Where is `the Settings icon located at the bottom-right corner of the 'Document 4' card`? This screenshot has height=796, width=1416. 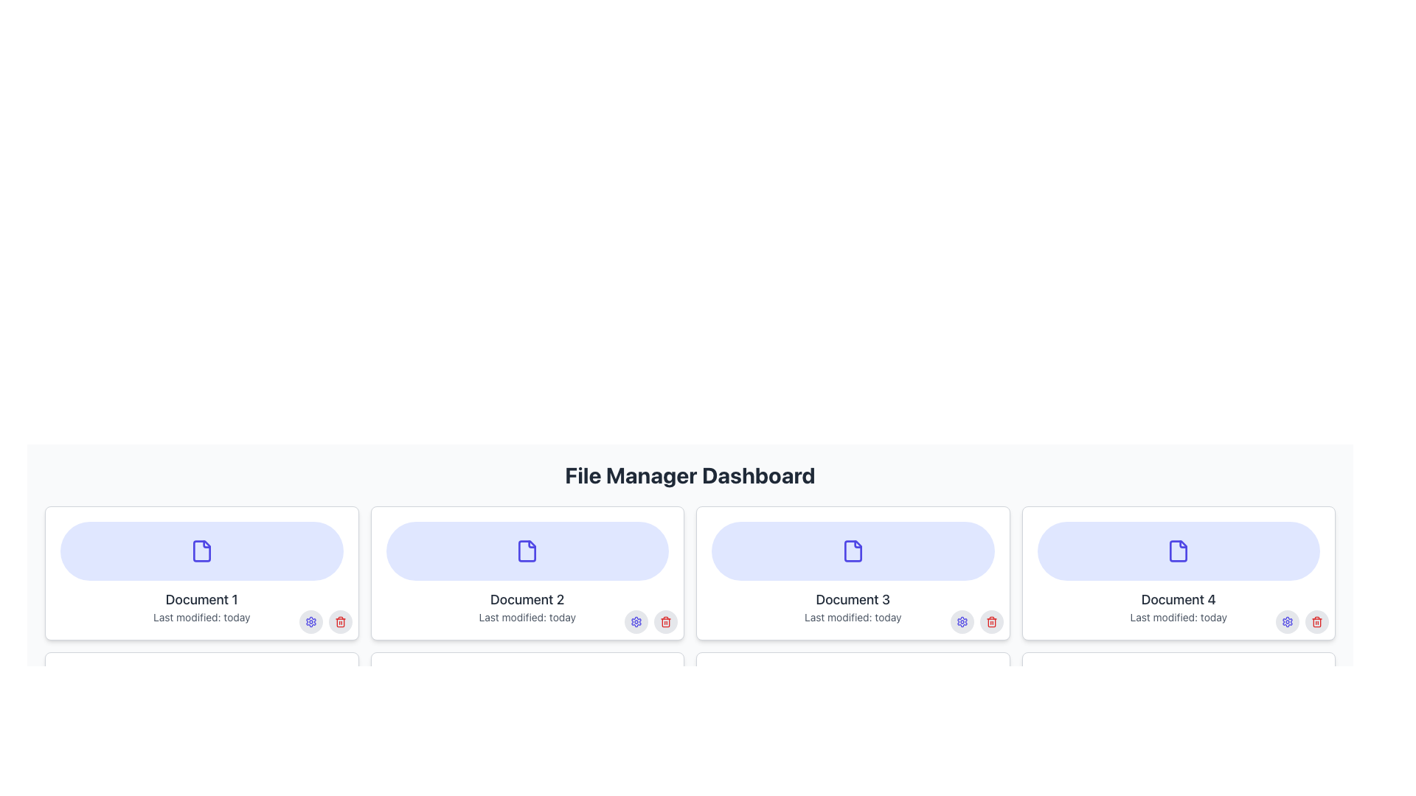 the Settings icon located at the bottom-right corner of the 'Document 4' card is located at coordinates (1287, 622).